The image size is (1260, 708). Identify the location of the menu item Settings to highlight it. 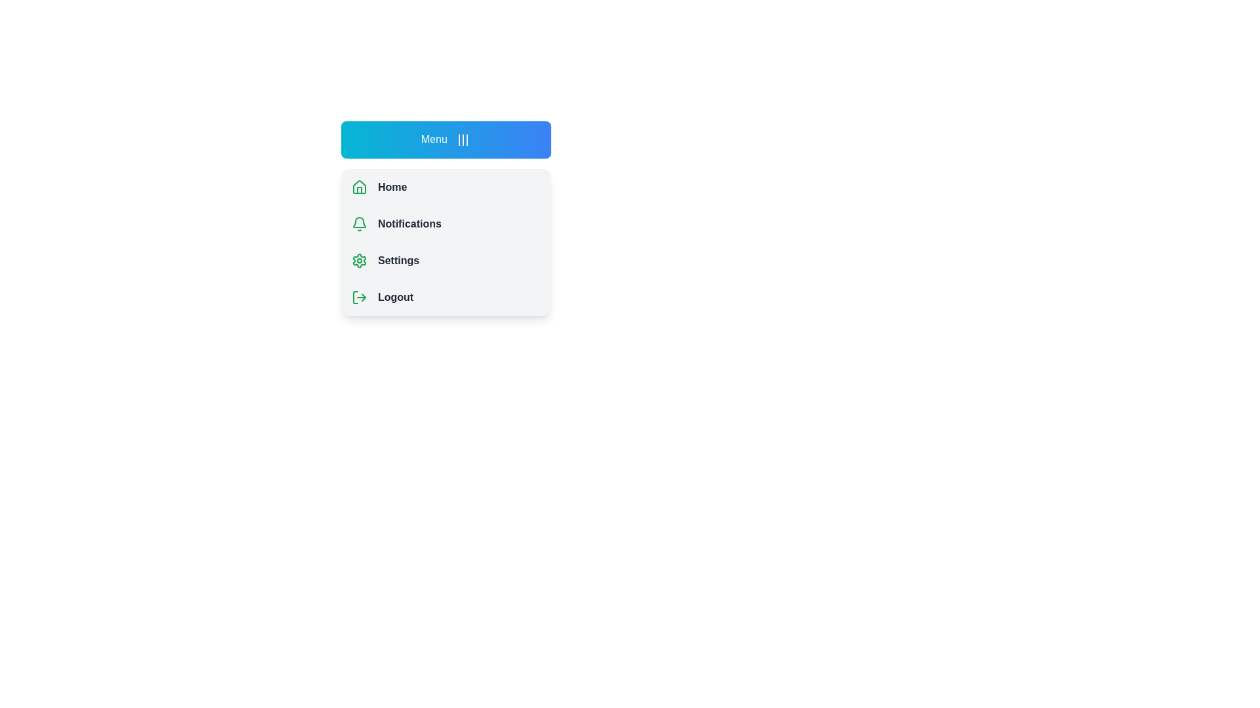
(446, 260).